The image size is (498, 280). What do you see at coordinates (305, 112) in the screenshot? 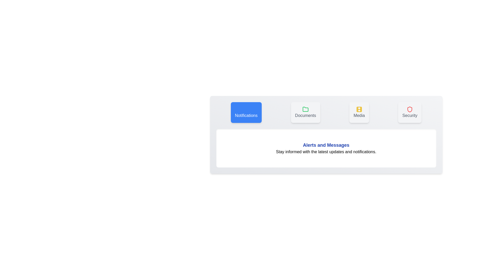
I see `the tab corresponding to Documents to inspect its icon` at bounding box center [305, 112].